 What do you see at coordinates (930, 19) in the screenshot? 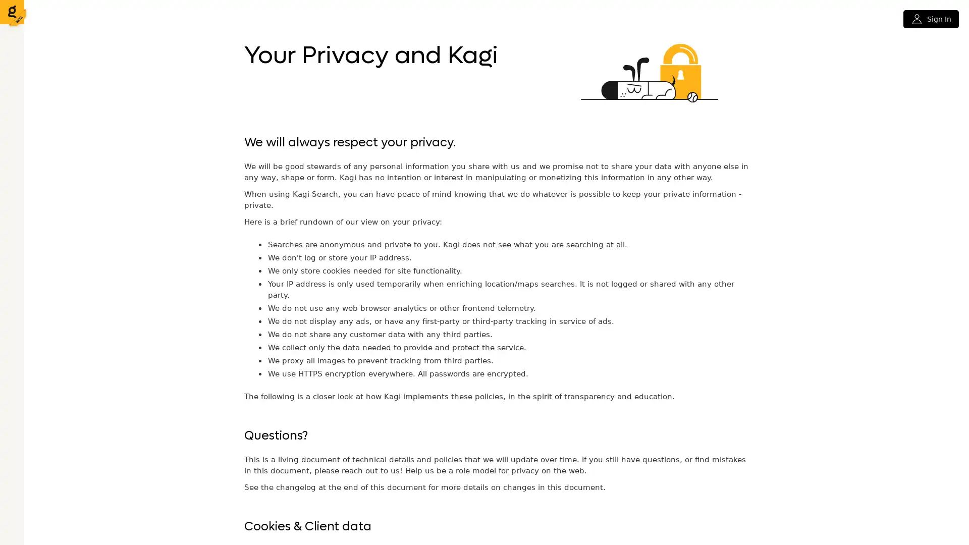
I see `Sign In` at bounding box center [930, 19].